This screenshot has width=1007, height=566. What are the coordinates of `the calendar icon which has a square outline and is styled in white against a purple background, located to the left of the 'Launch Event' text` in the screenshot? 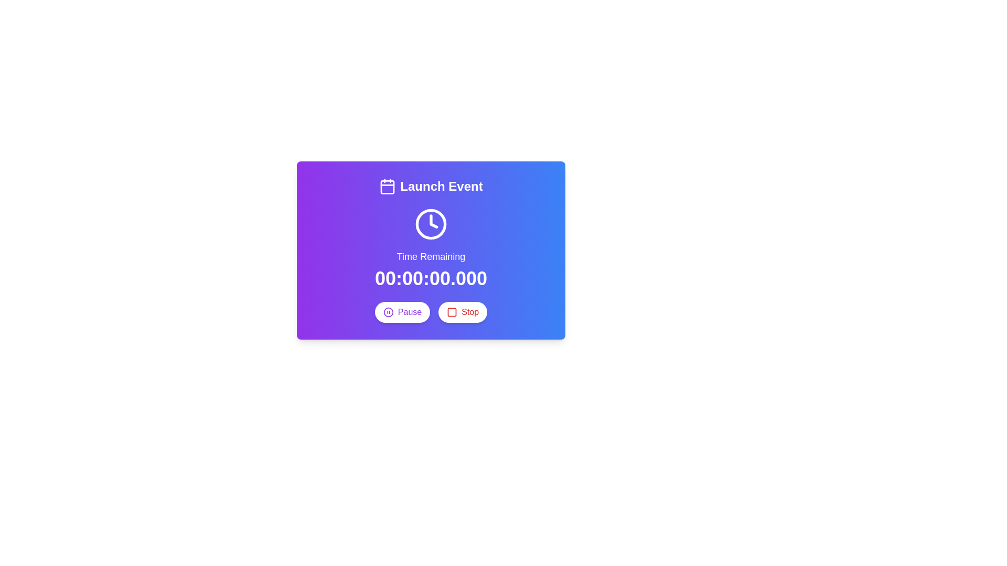 It's located at (387, 186).